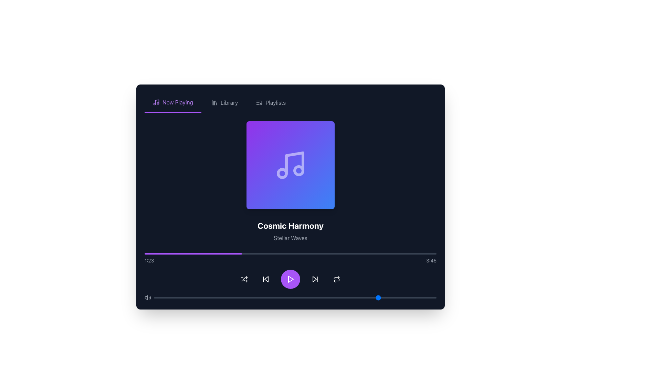 The width and height of the screenshot is (661, 371). I want to click on the minimalist gray speaker icon located in the bottom-left corner of the horizontal control bar, so click(147, 297).